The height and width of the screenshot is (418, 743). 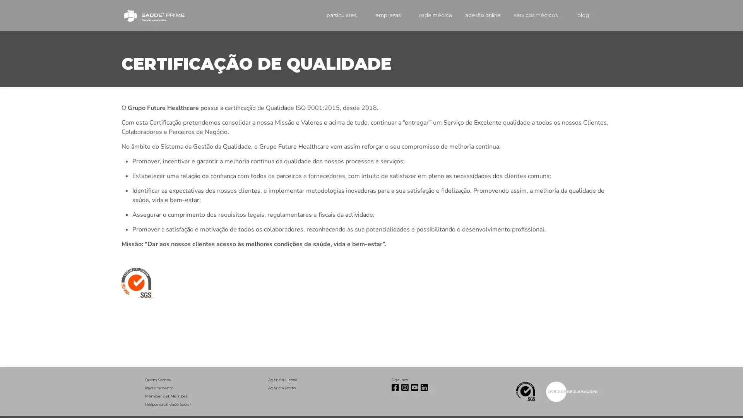 I want to click on adesao online, so click(x=473, y=15).